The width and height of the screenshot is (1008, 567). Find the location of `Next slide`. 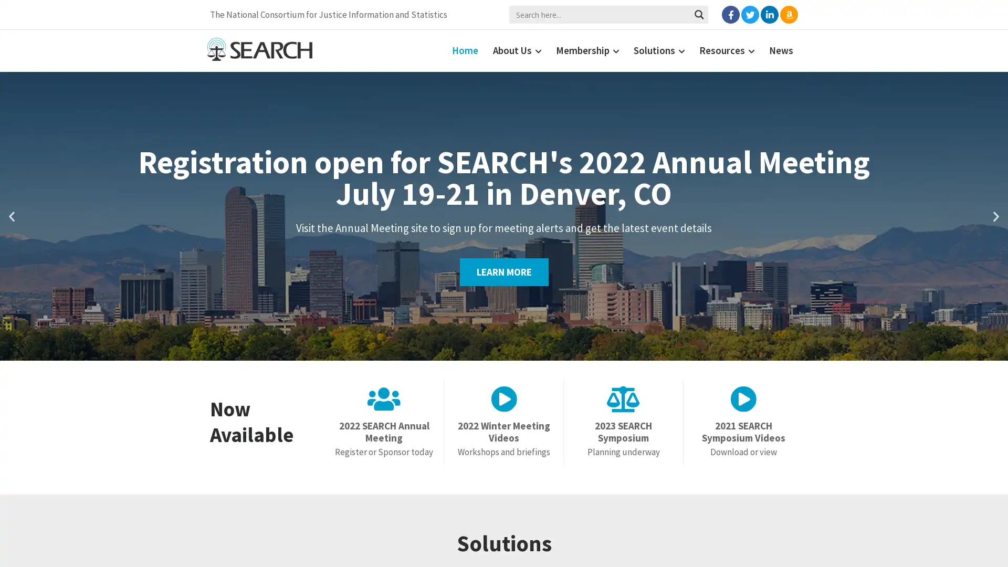

Next slide is located at coordinates (995, 215).